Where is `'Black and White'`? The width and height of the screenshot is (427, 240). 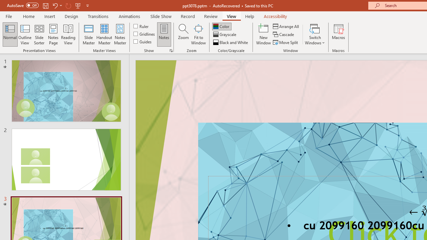 'Black and White' is located at coordinates (231, 42).